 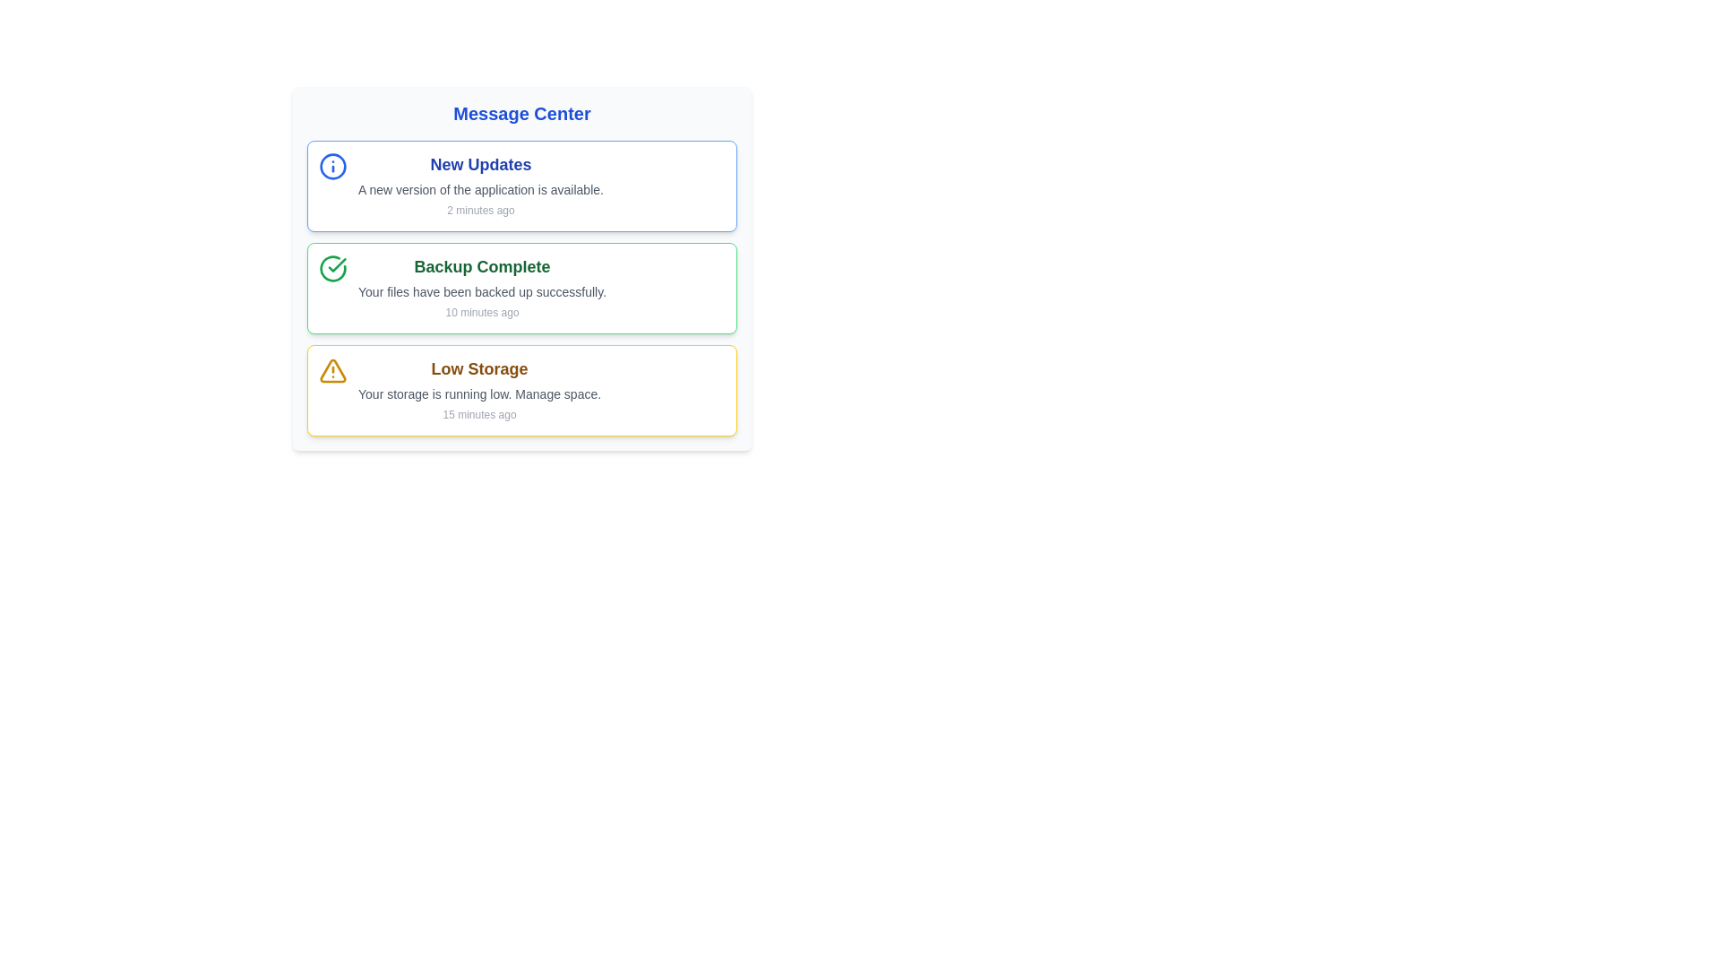 I want to click on the 'Backup Complete' text header, which is prominently styled in dark green and located under the 'Message Center' title, so click(x=482, y=266).